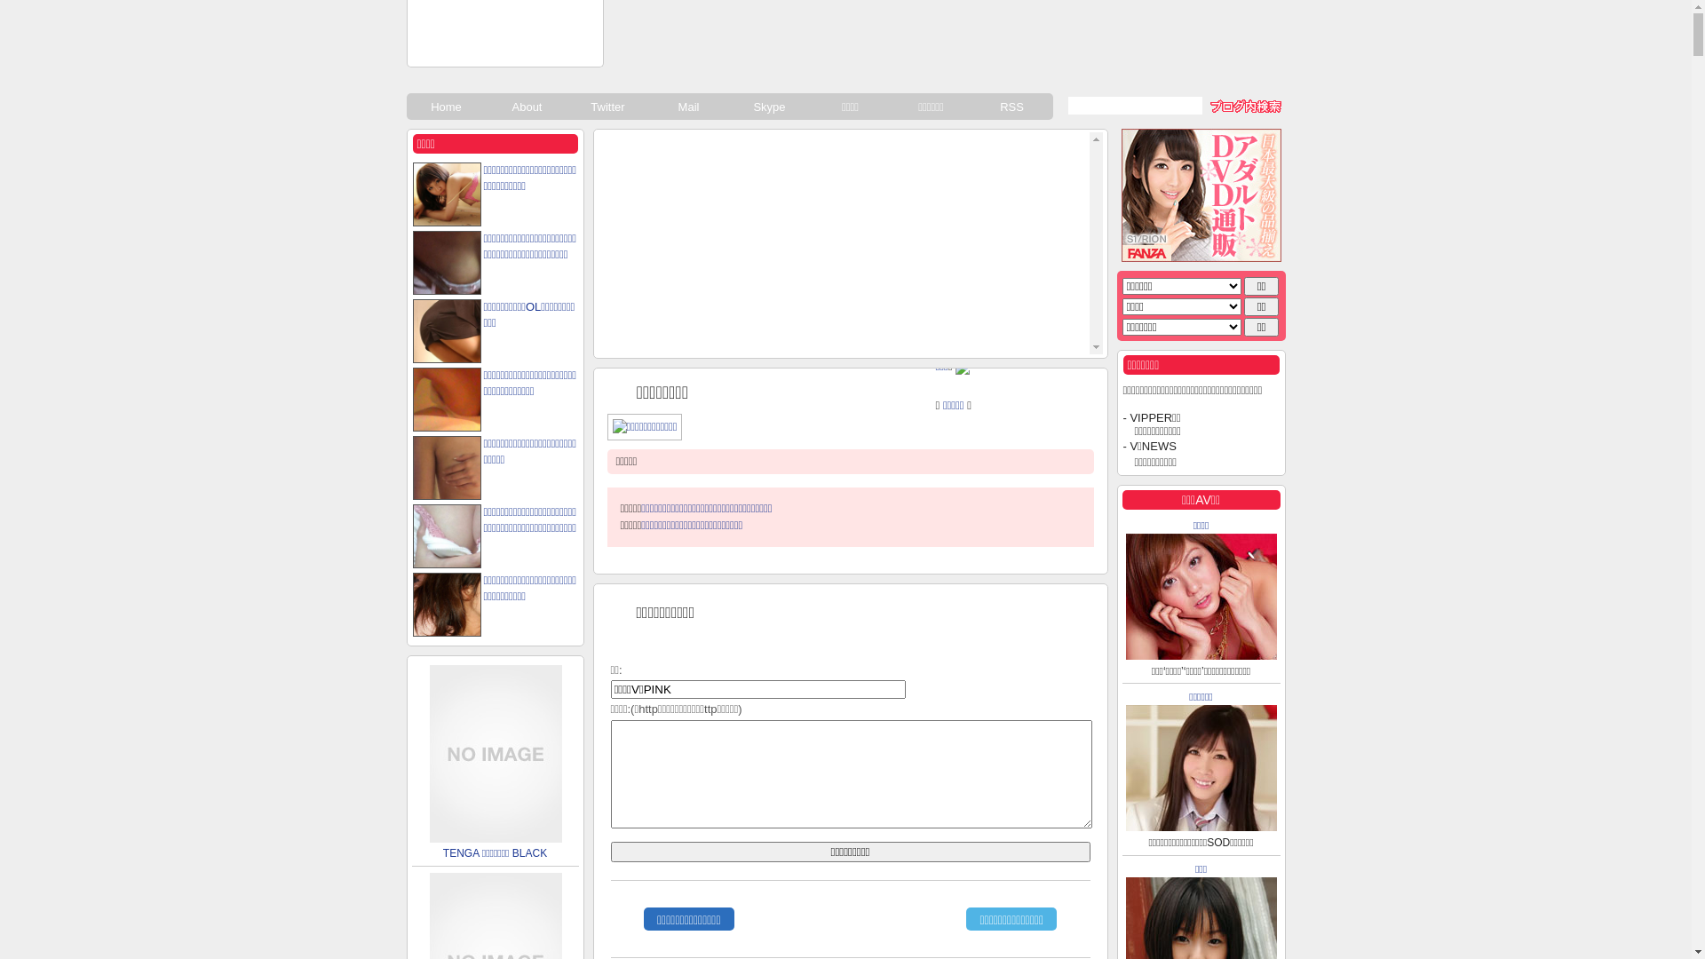  Describe the element at coordinates (646, 106) in the screenshot. I see `'Mail'` at that location.